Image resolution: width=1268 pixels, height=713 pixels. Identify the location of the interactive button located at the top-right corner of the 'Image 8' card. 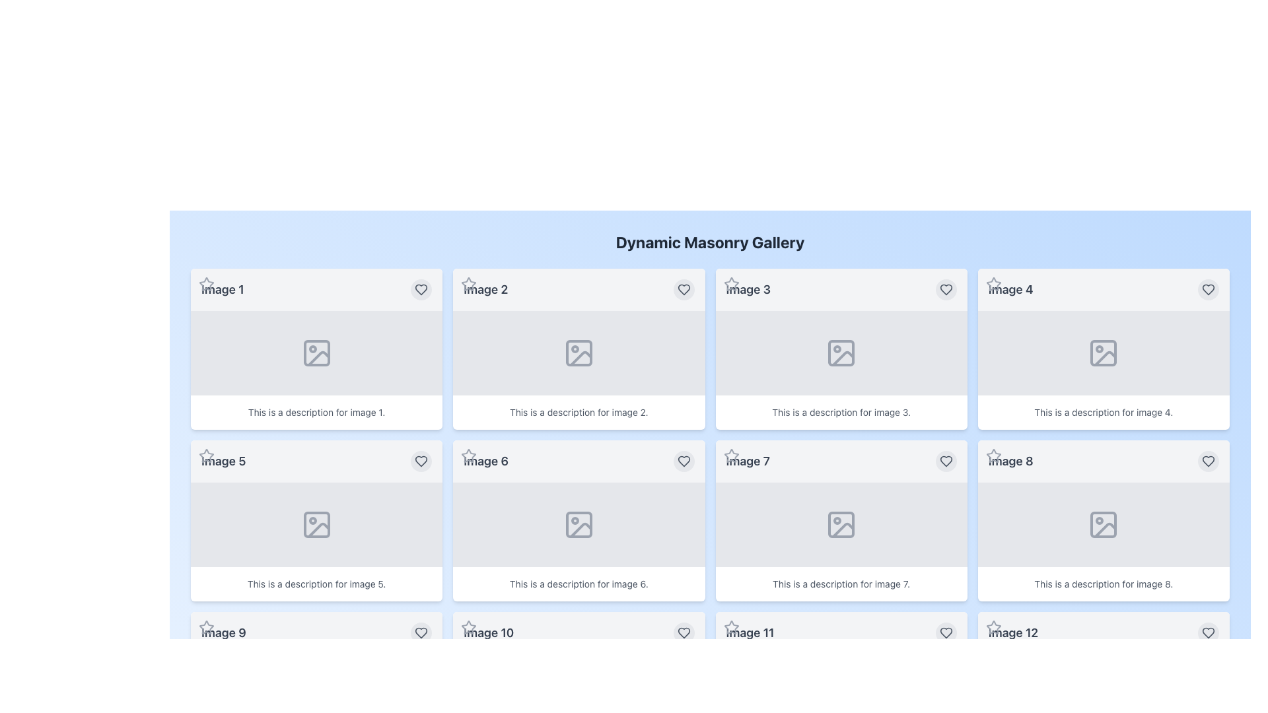
(1208, 460).